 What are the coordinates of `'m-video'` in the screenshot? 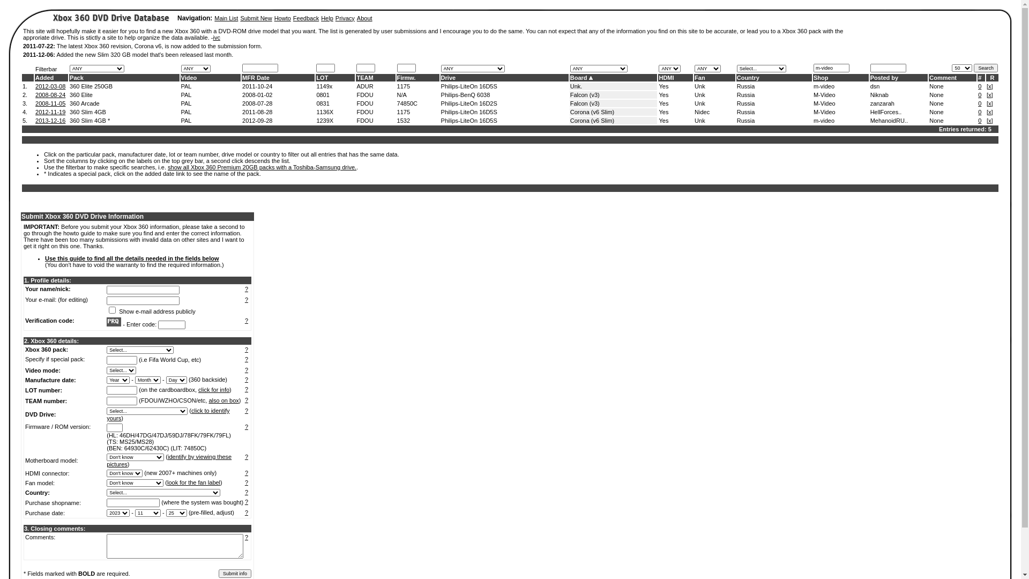 It's located at (823, 86).